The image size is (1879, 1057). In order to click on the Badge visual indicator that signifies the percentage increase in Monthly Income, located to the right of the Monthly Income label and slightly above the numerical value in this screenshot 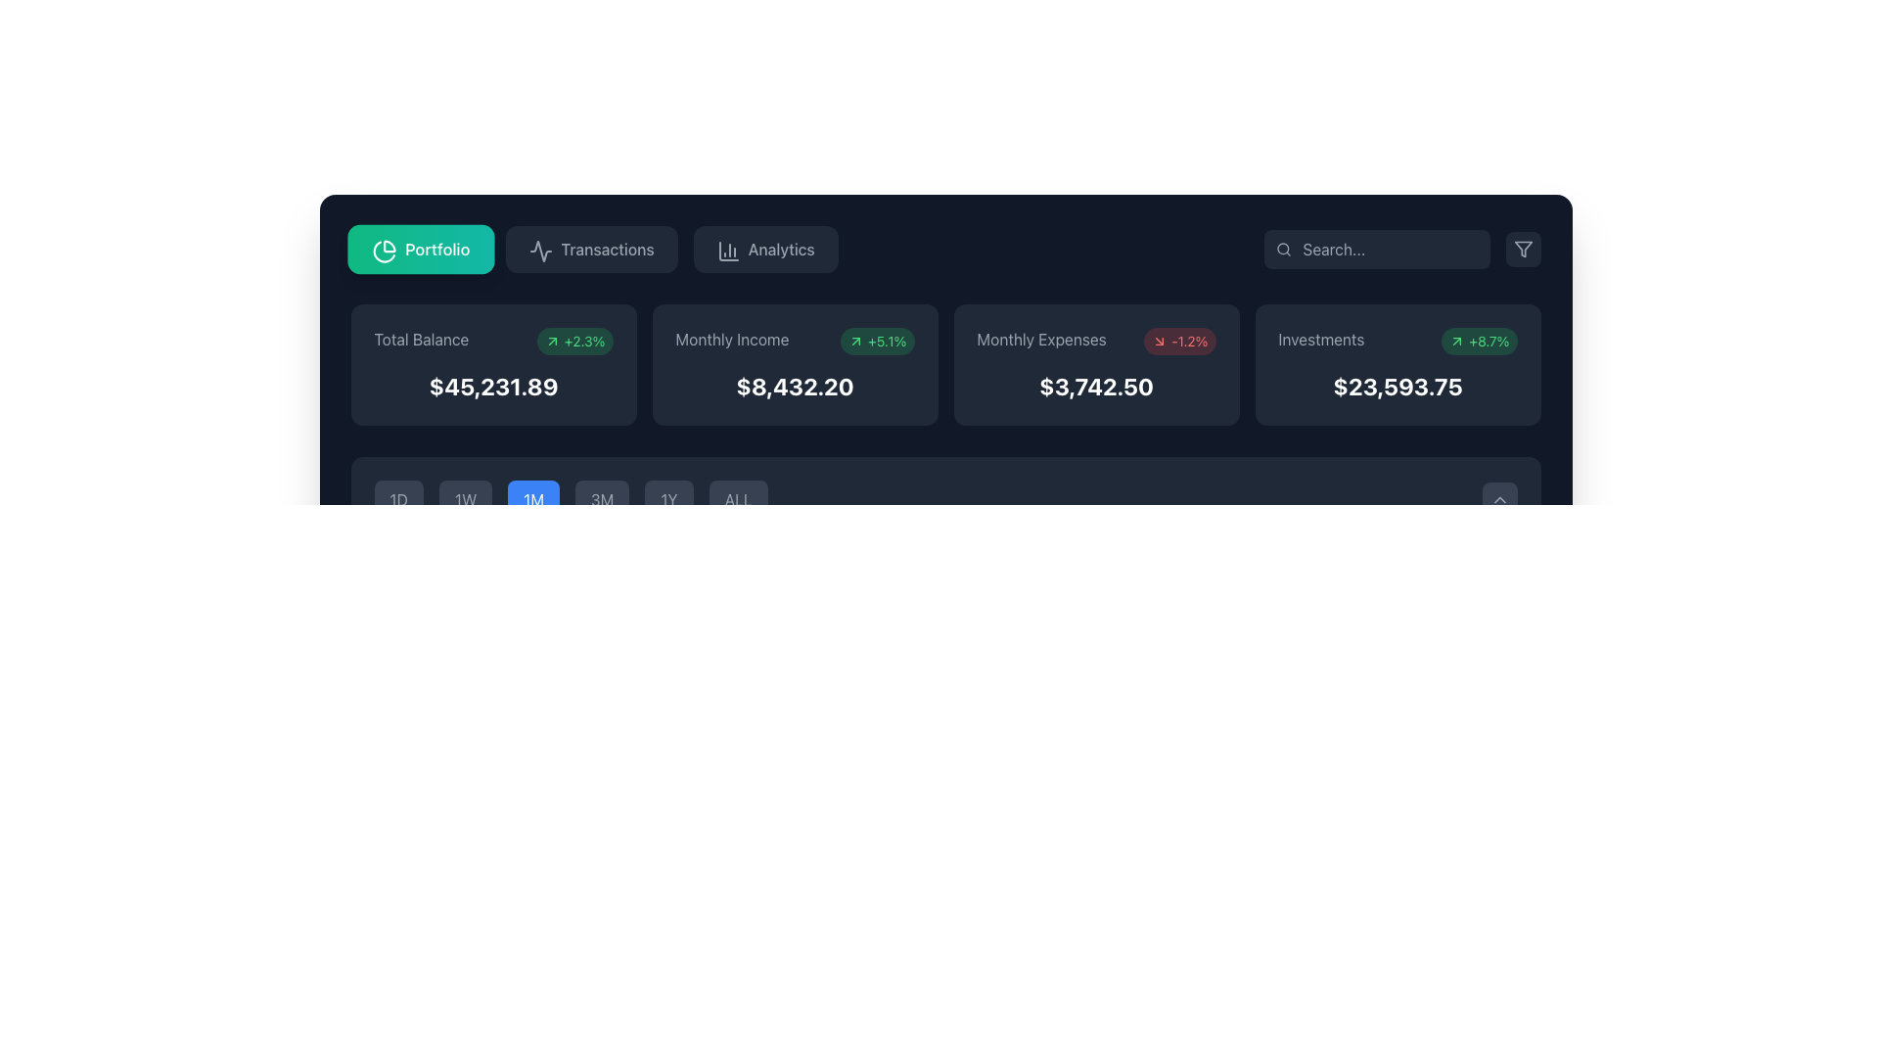, I will do `click(876, 340)`.